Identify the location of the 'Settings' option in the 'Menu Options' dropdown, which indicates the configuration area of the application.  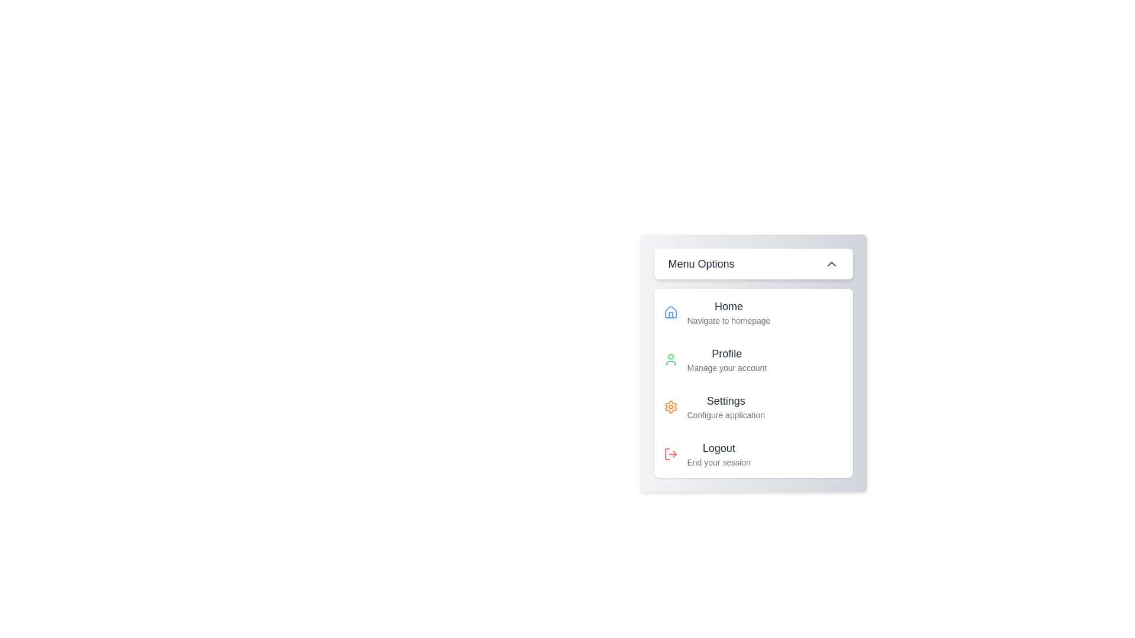
(725, 400).